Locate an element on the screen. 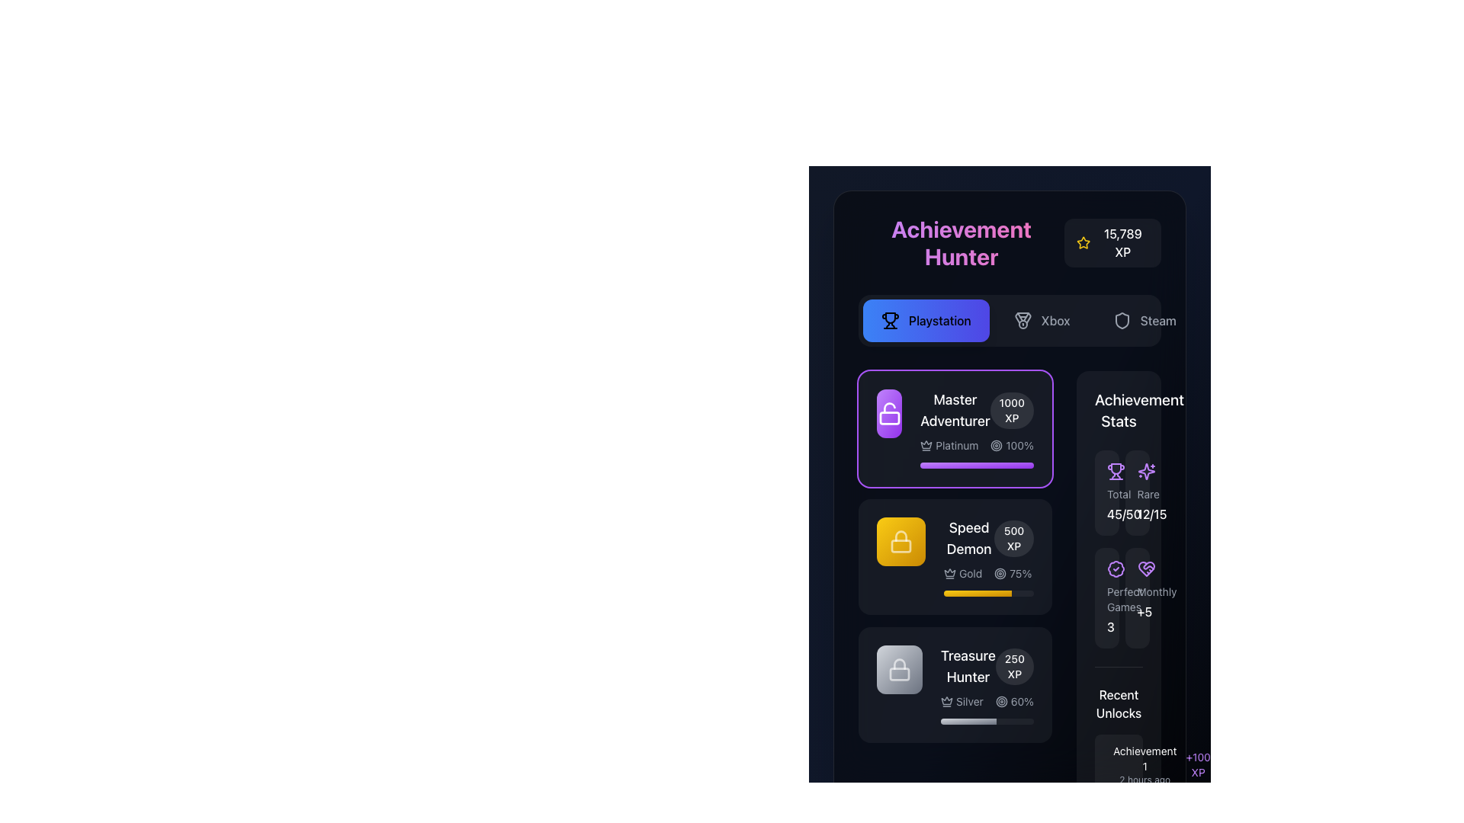  displayed text in the text display element located under the 'Recent Unlocks' heading, which shows details about a recently unlocked achievement is located at coordinates (1145, 764).